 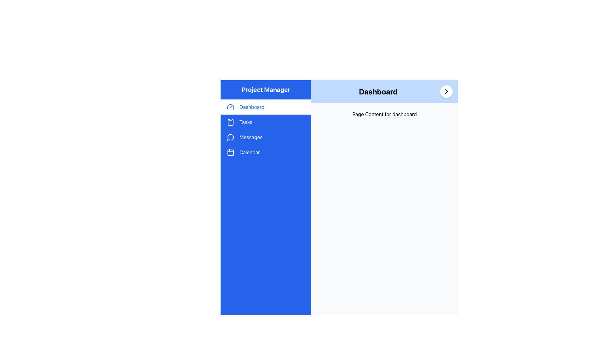 What do you see at coordinates (230, 137) in the screenshot?
I see `the 'Messages' icon in the sidebar, which is located below 'Dashboard' and 'Tasks' and above 'Calendar'` at bounding box center [230, 137].